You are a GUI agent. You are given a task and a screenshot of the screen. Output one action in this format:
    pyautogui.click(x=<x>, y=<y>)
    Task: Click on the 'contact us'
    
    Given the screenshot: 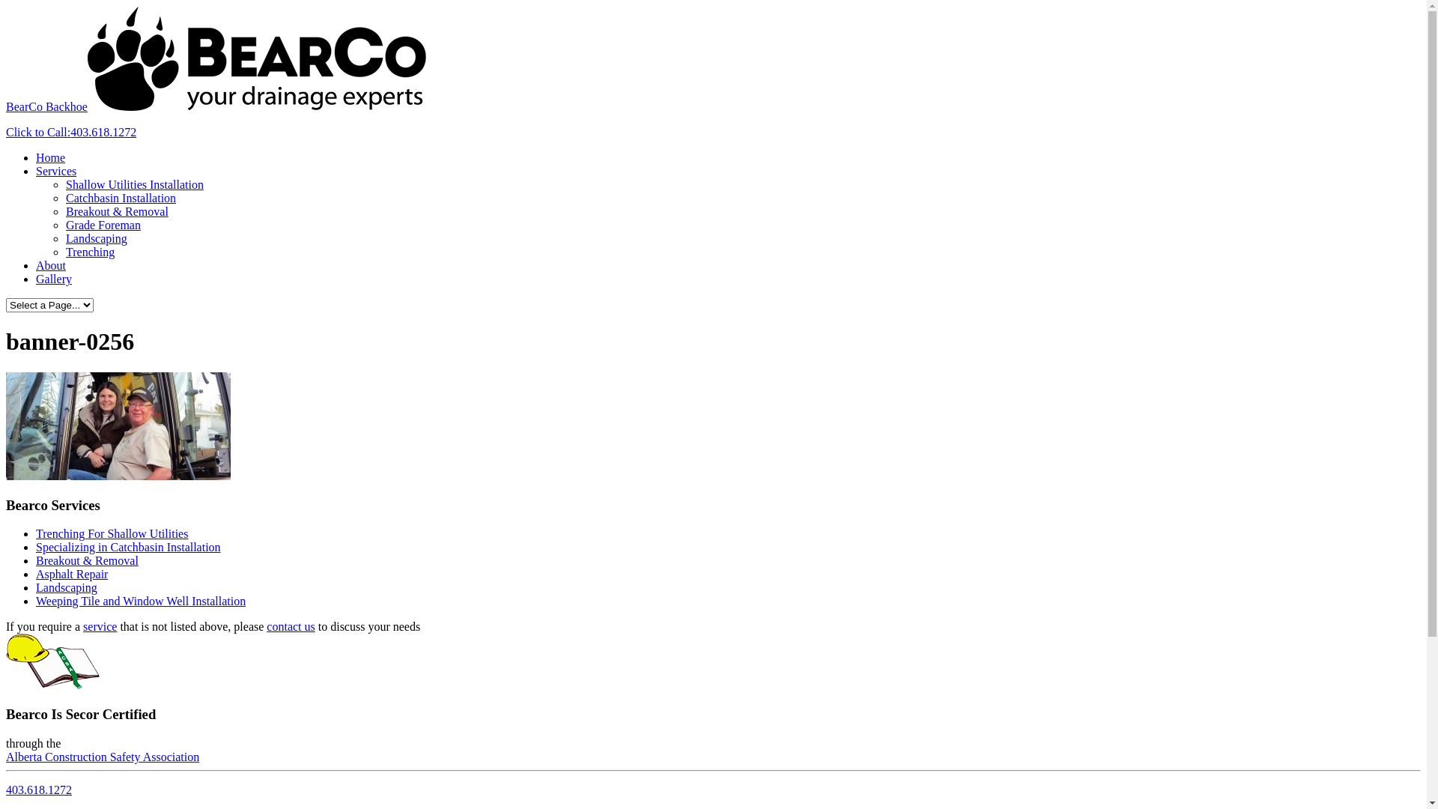 What is the action you would take?
    pyautogui.click(x=291, y=626)
    